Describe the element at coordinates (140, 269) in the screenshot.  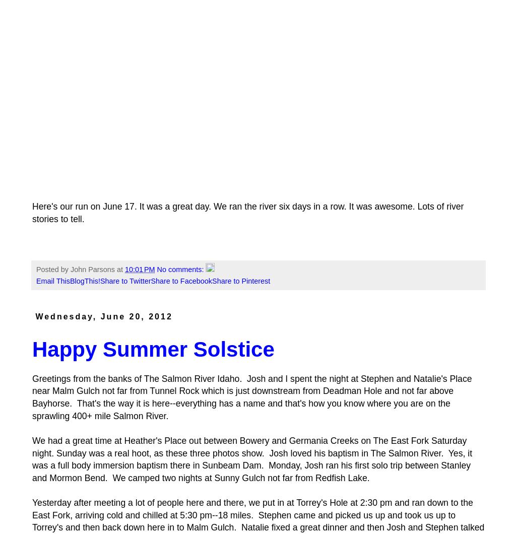
I see `'10:01 PM'` at that location.